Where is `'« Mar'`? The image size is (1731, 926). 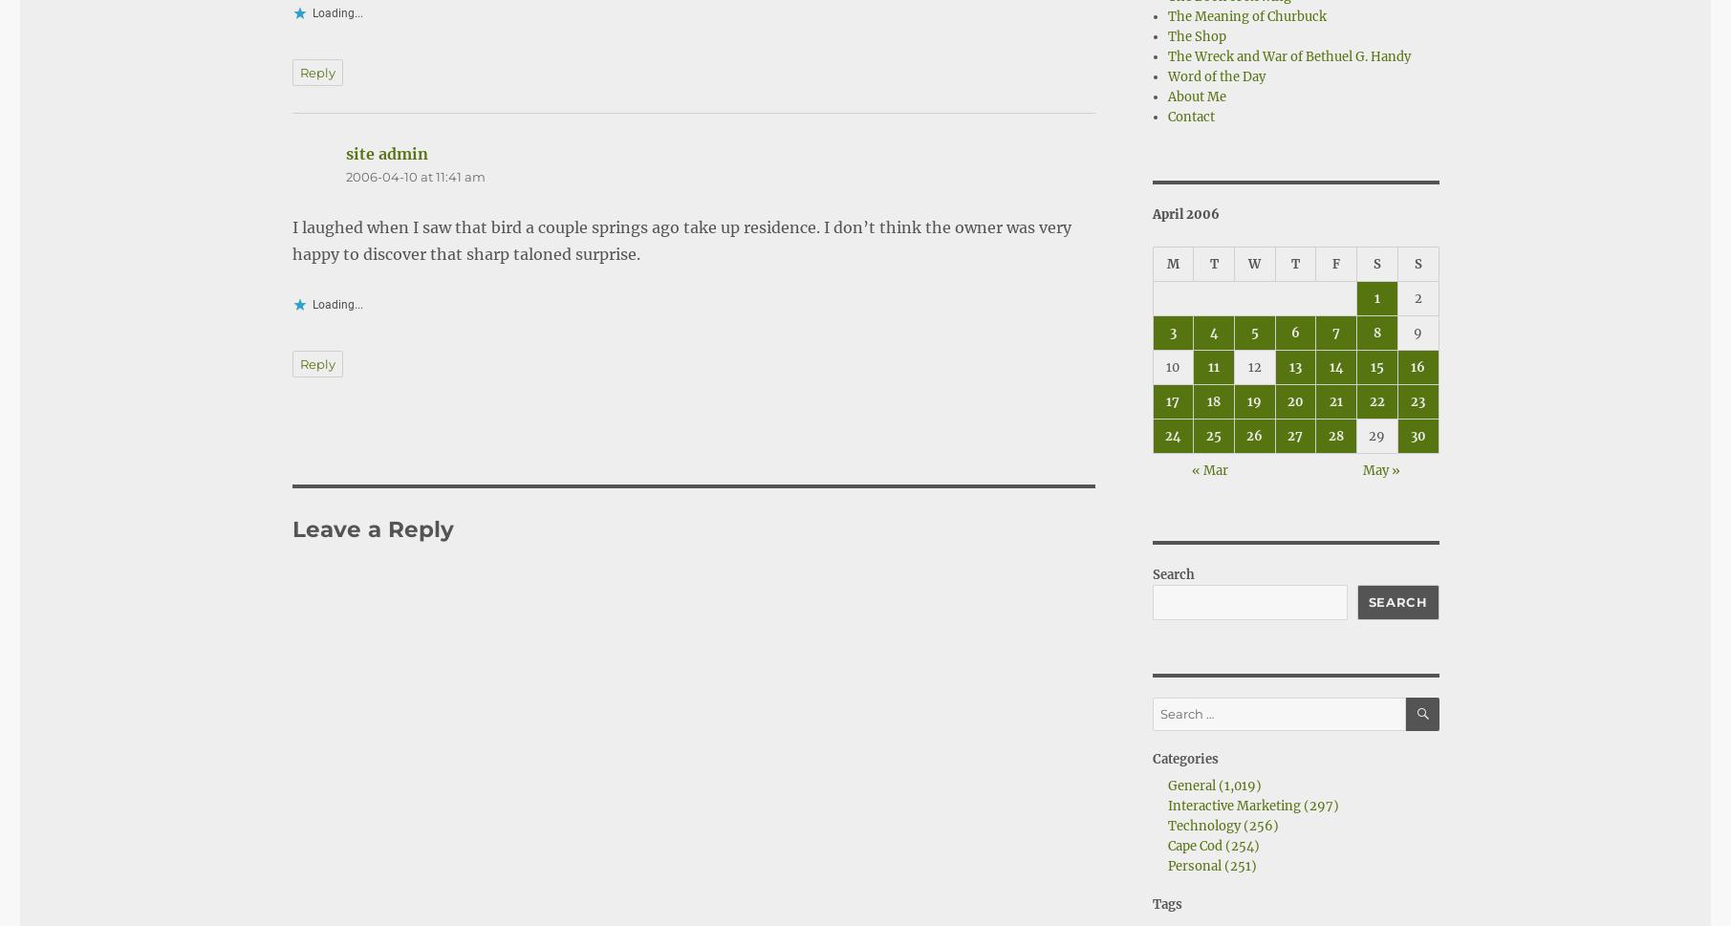
'« Mar' is located at coordinates (1190, 468).